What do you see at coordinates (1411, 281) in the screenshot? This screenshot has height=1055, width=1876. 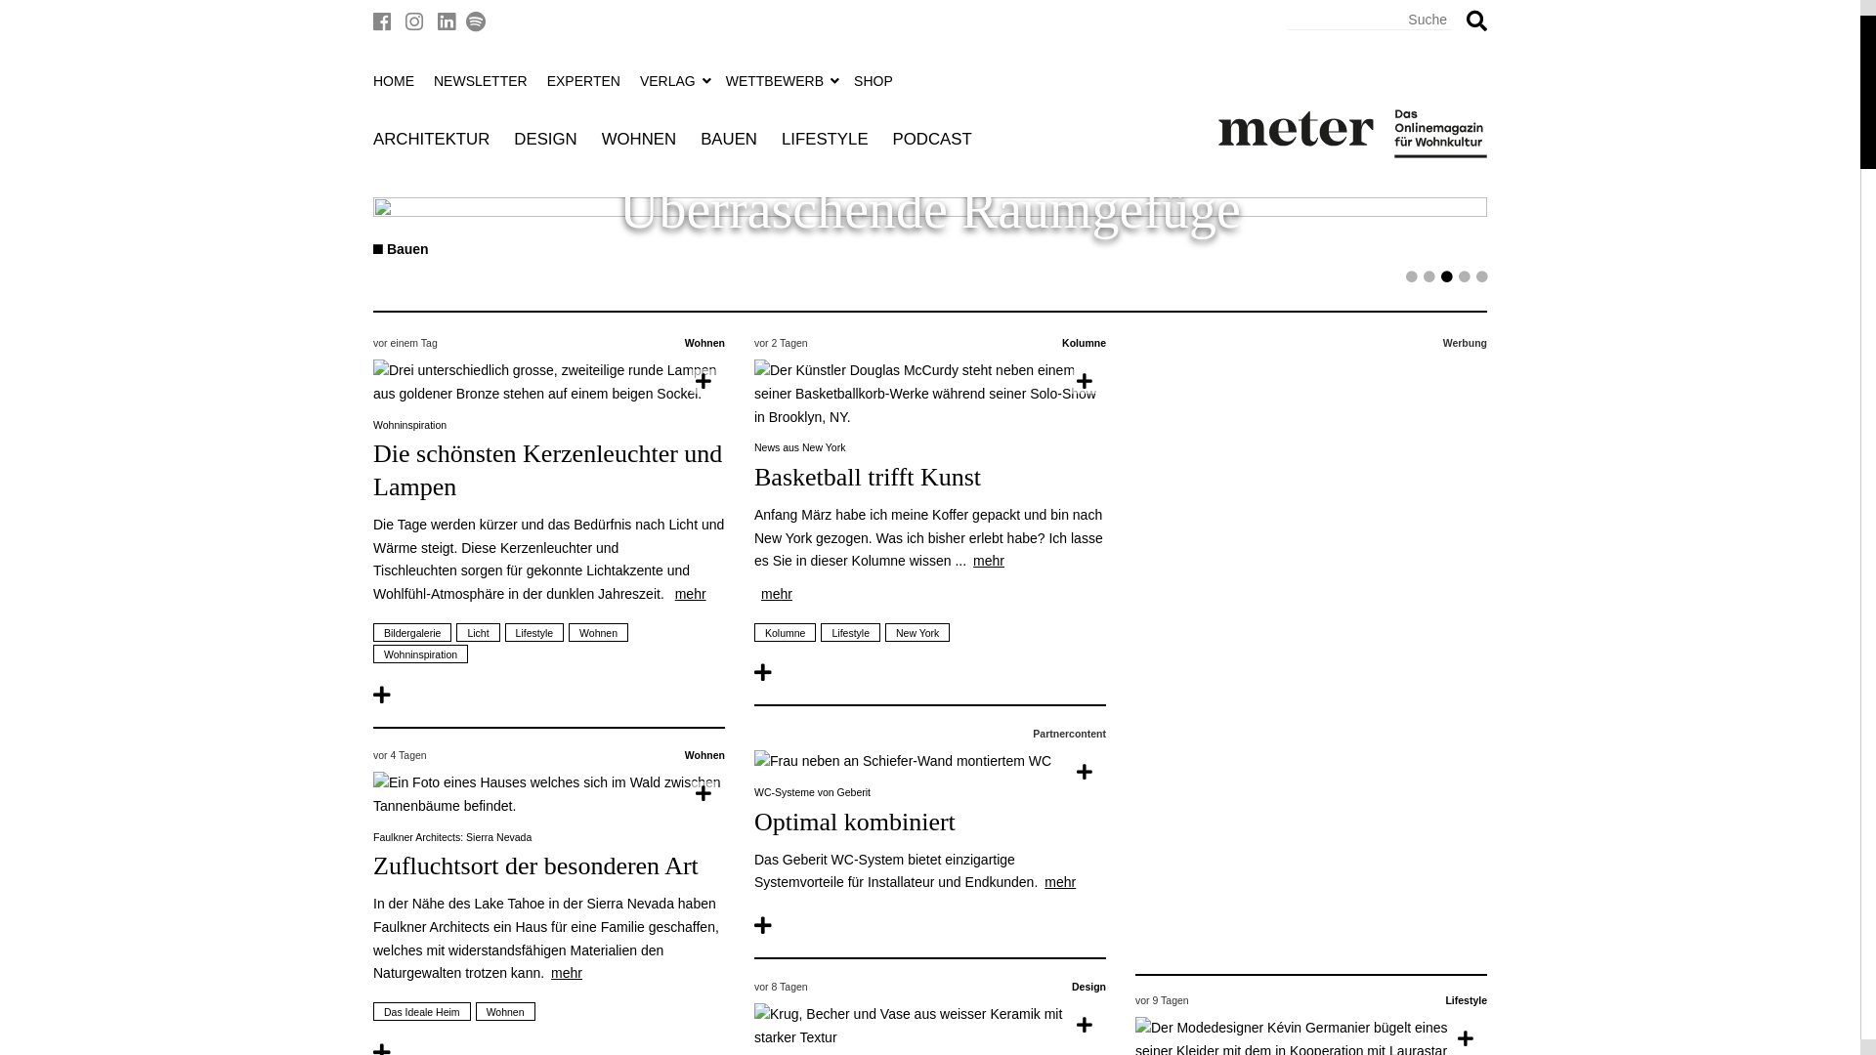 I see `'1'` at bounding box center [1411, 281].